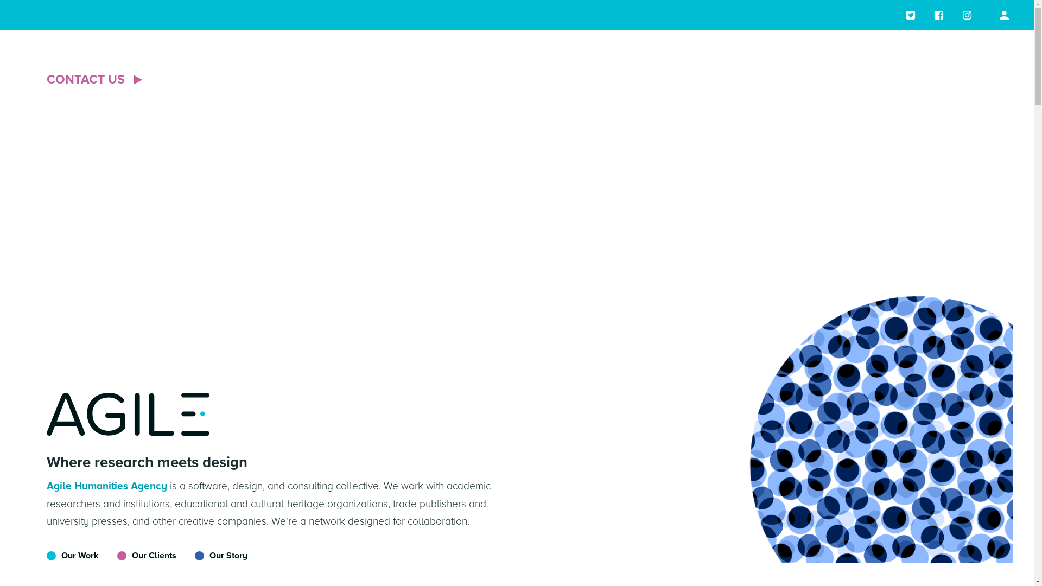 This screenshot has width=1042, height=586. I want to click on 'Our Story', so click(213, 556).